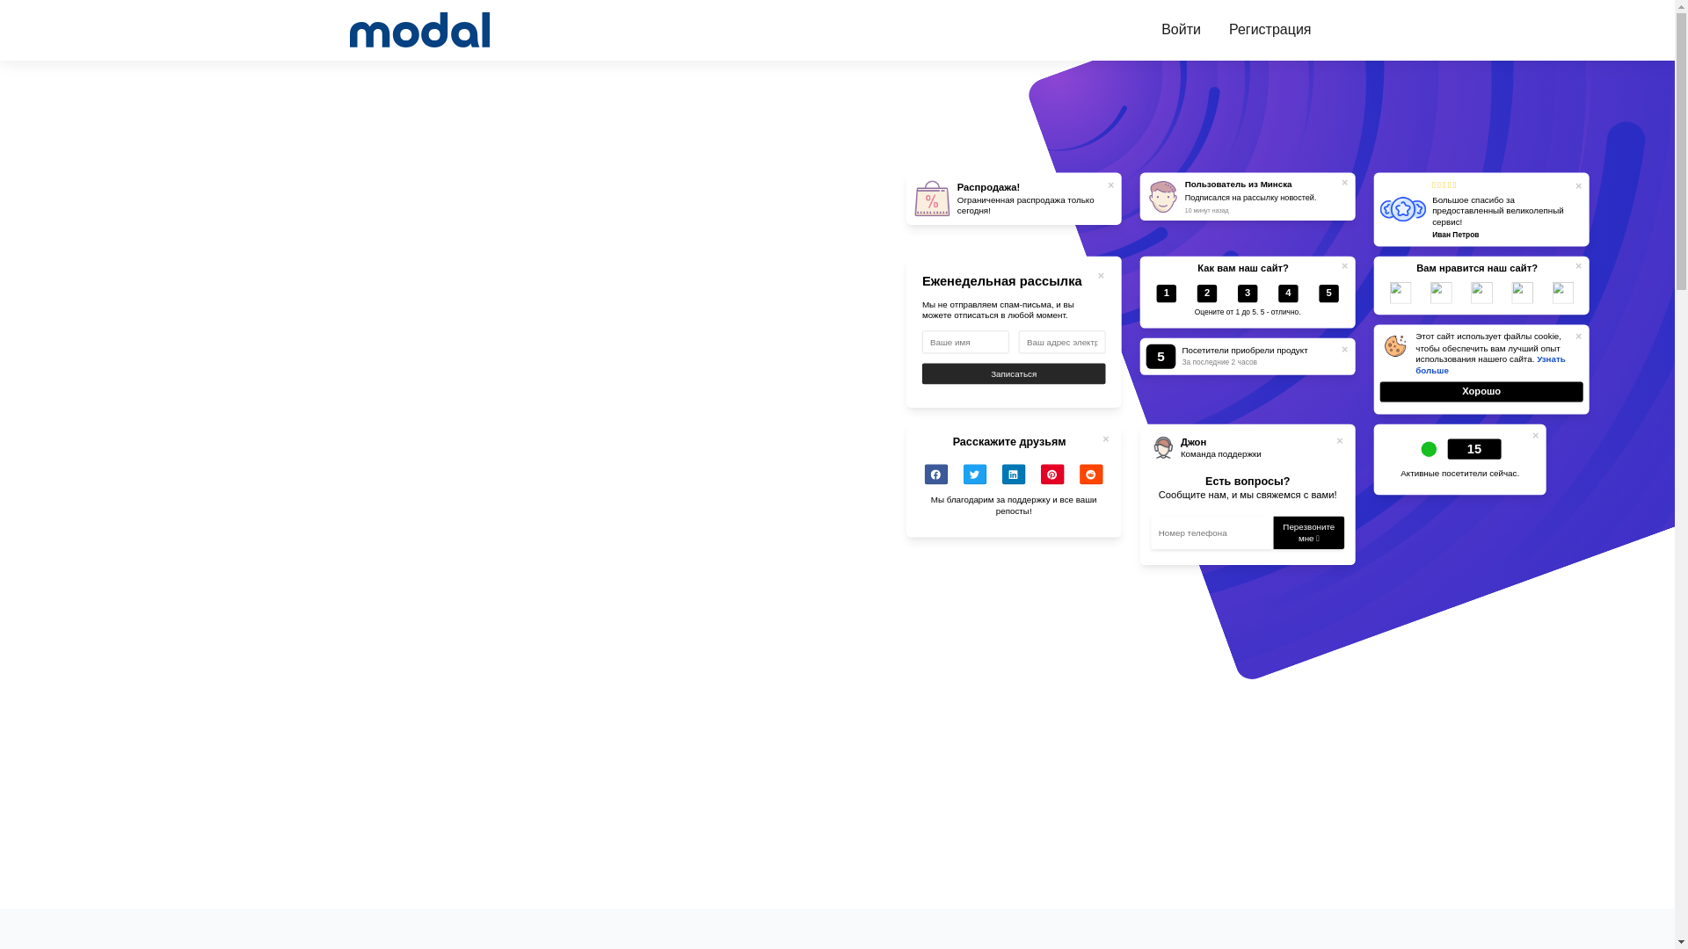 The width and height of the screenshot is (1688, 949). Describe the element at coordinates (1210, 296) in the screenshot. I see `'2'` at that location.